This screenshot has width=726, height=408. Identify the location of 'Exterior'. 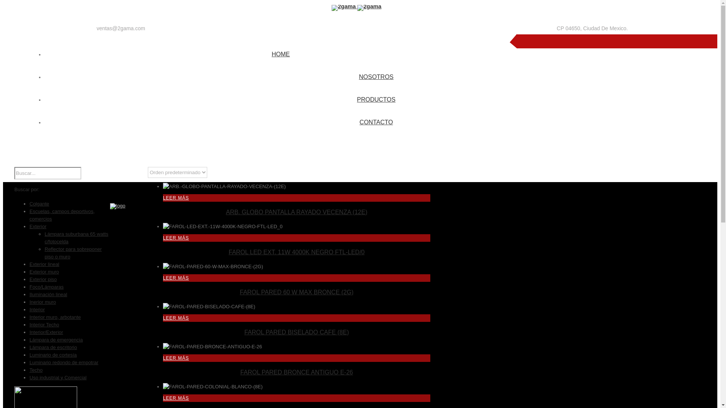
(37, 226).